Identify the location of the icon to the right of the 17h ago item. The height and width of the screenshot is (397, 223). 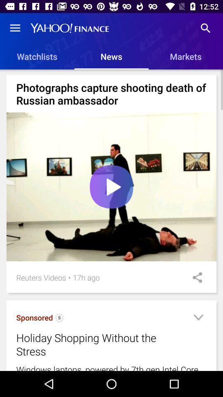
(195, 277).